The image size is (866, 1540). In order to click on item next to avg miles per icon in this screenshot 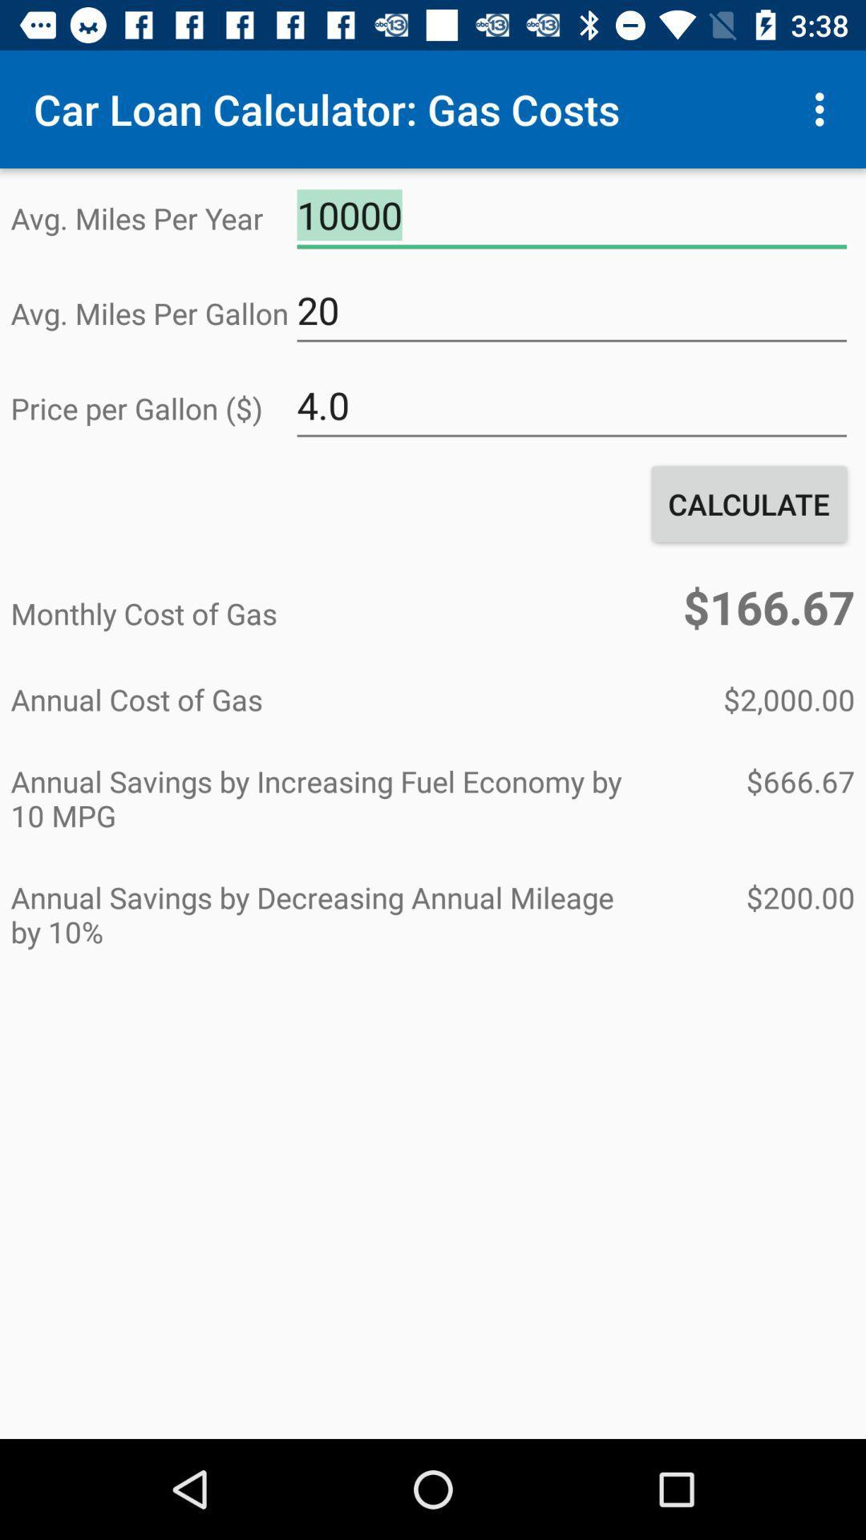, I will do `click(571, 215)`.